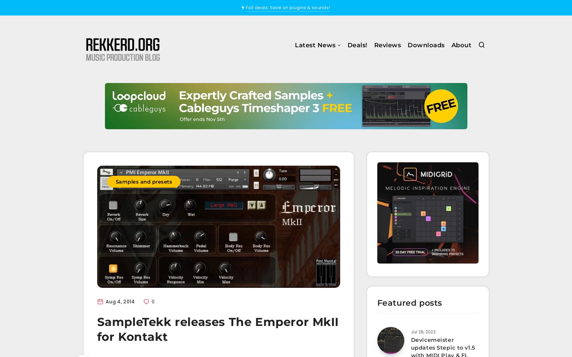  I want to click on 'Effects', so click(274, 91).